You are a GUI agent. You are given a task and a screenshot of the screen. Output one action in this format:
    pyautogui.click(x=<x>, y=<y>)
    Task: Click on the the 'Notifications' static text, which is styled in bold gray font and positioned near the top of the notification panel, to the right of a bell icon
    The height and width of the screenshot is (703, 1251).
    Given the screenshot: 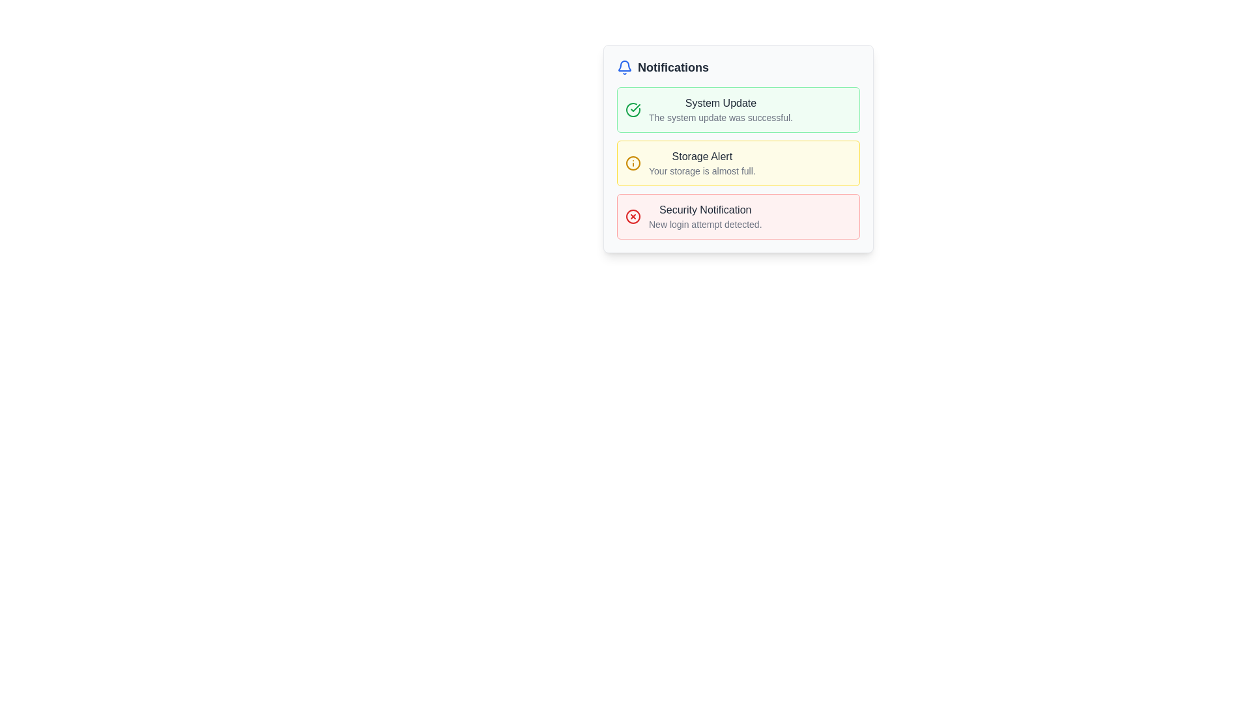 What is the action you would take?
    pyautogui.click(x=673, y=68)
    